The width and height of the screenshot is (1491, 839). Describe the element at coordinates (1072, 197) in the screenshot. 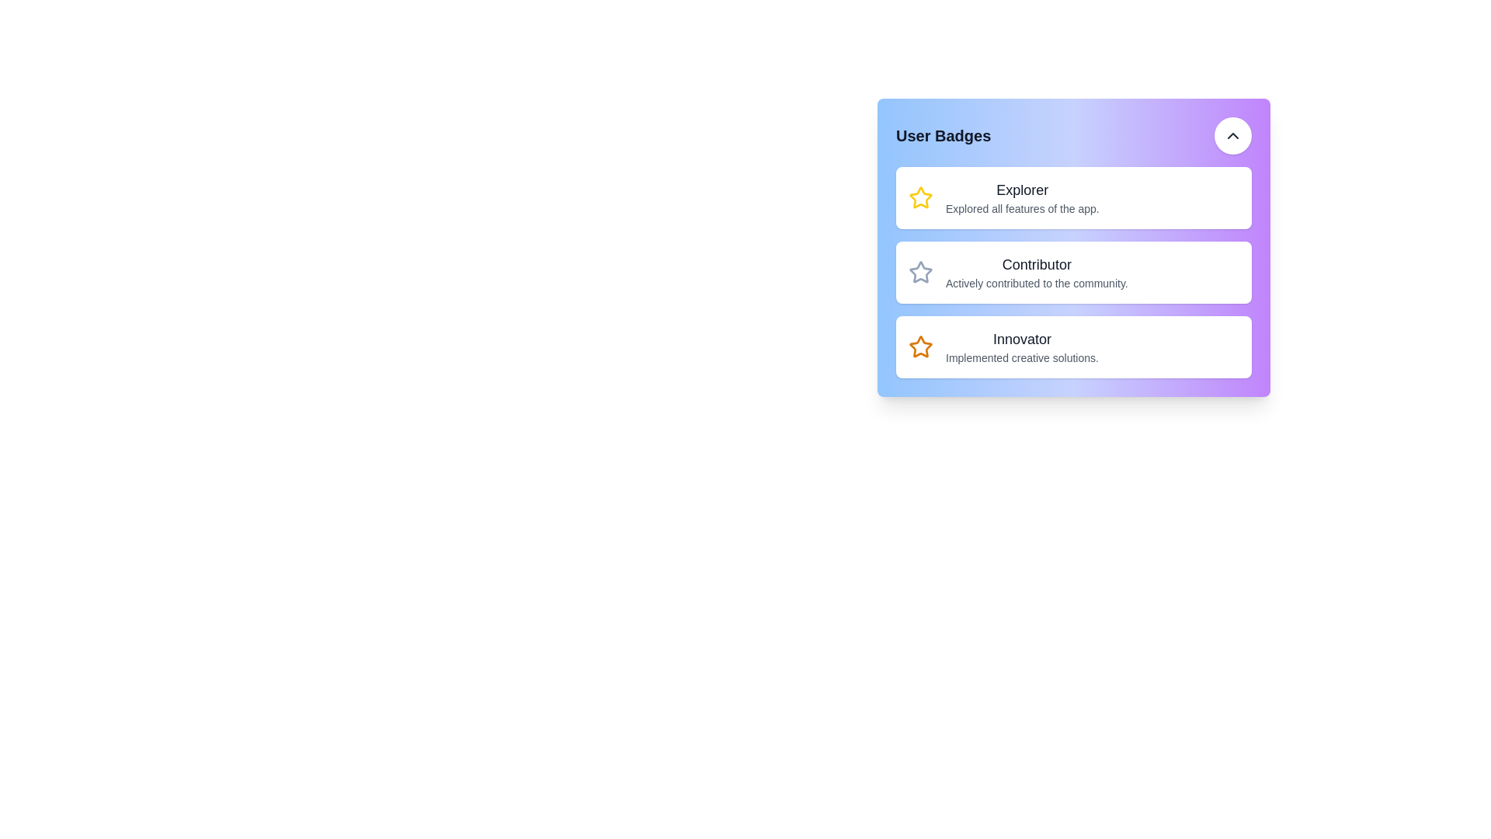

I see `the 'Explorer' visual badge, which is the first badge in a vertically stacked layout inside a card component, located at the top-left of the card, above the 'Contributor' badge` at that location.